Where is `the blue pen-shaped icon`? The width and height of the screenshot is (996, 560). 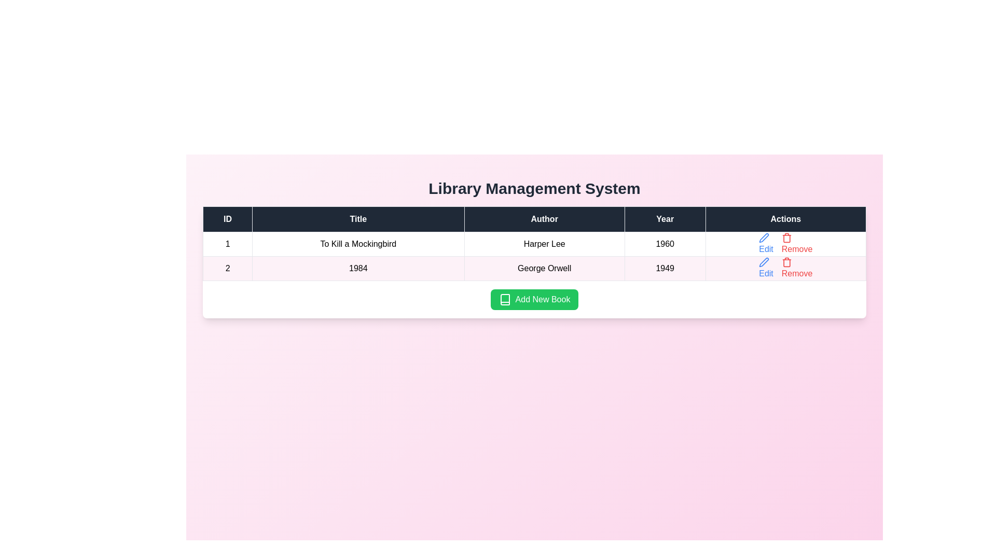
the blue pen-shaped icon is located at coordinates (764, 261).